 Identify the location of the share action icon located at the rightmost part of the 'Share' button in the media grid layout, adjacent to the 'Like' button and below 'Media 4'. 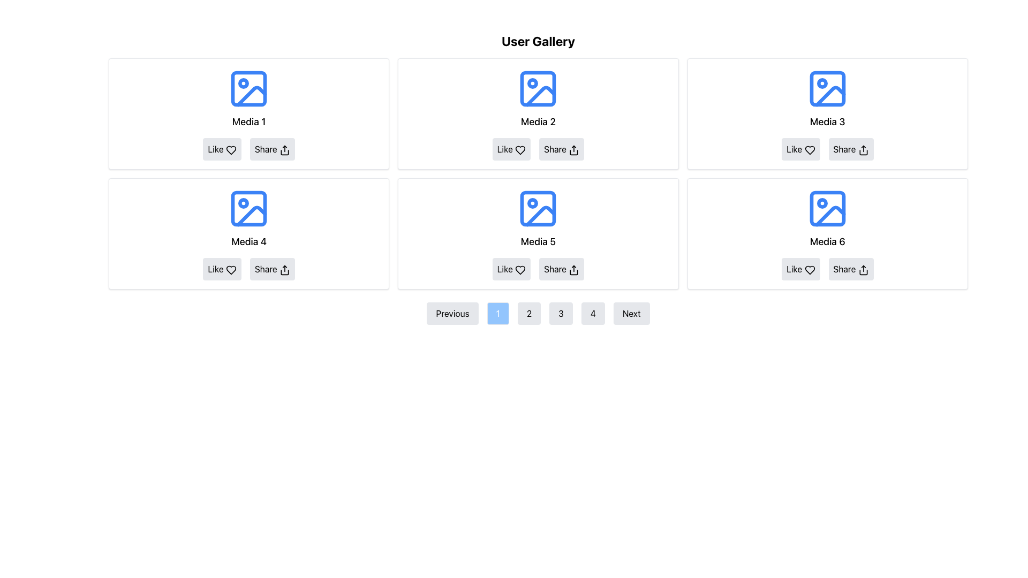
(284, 269).